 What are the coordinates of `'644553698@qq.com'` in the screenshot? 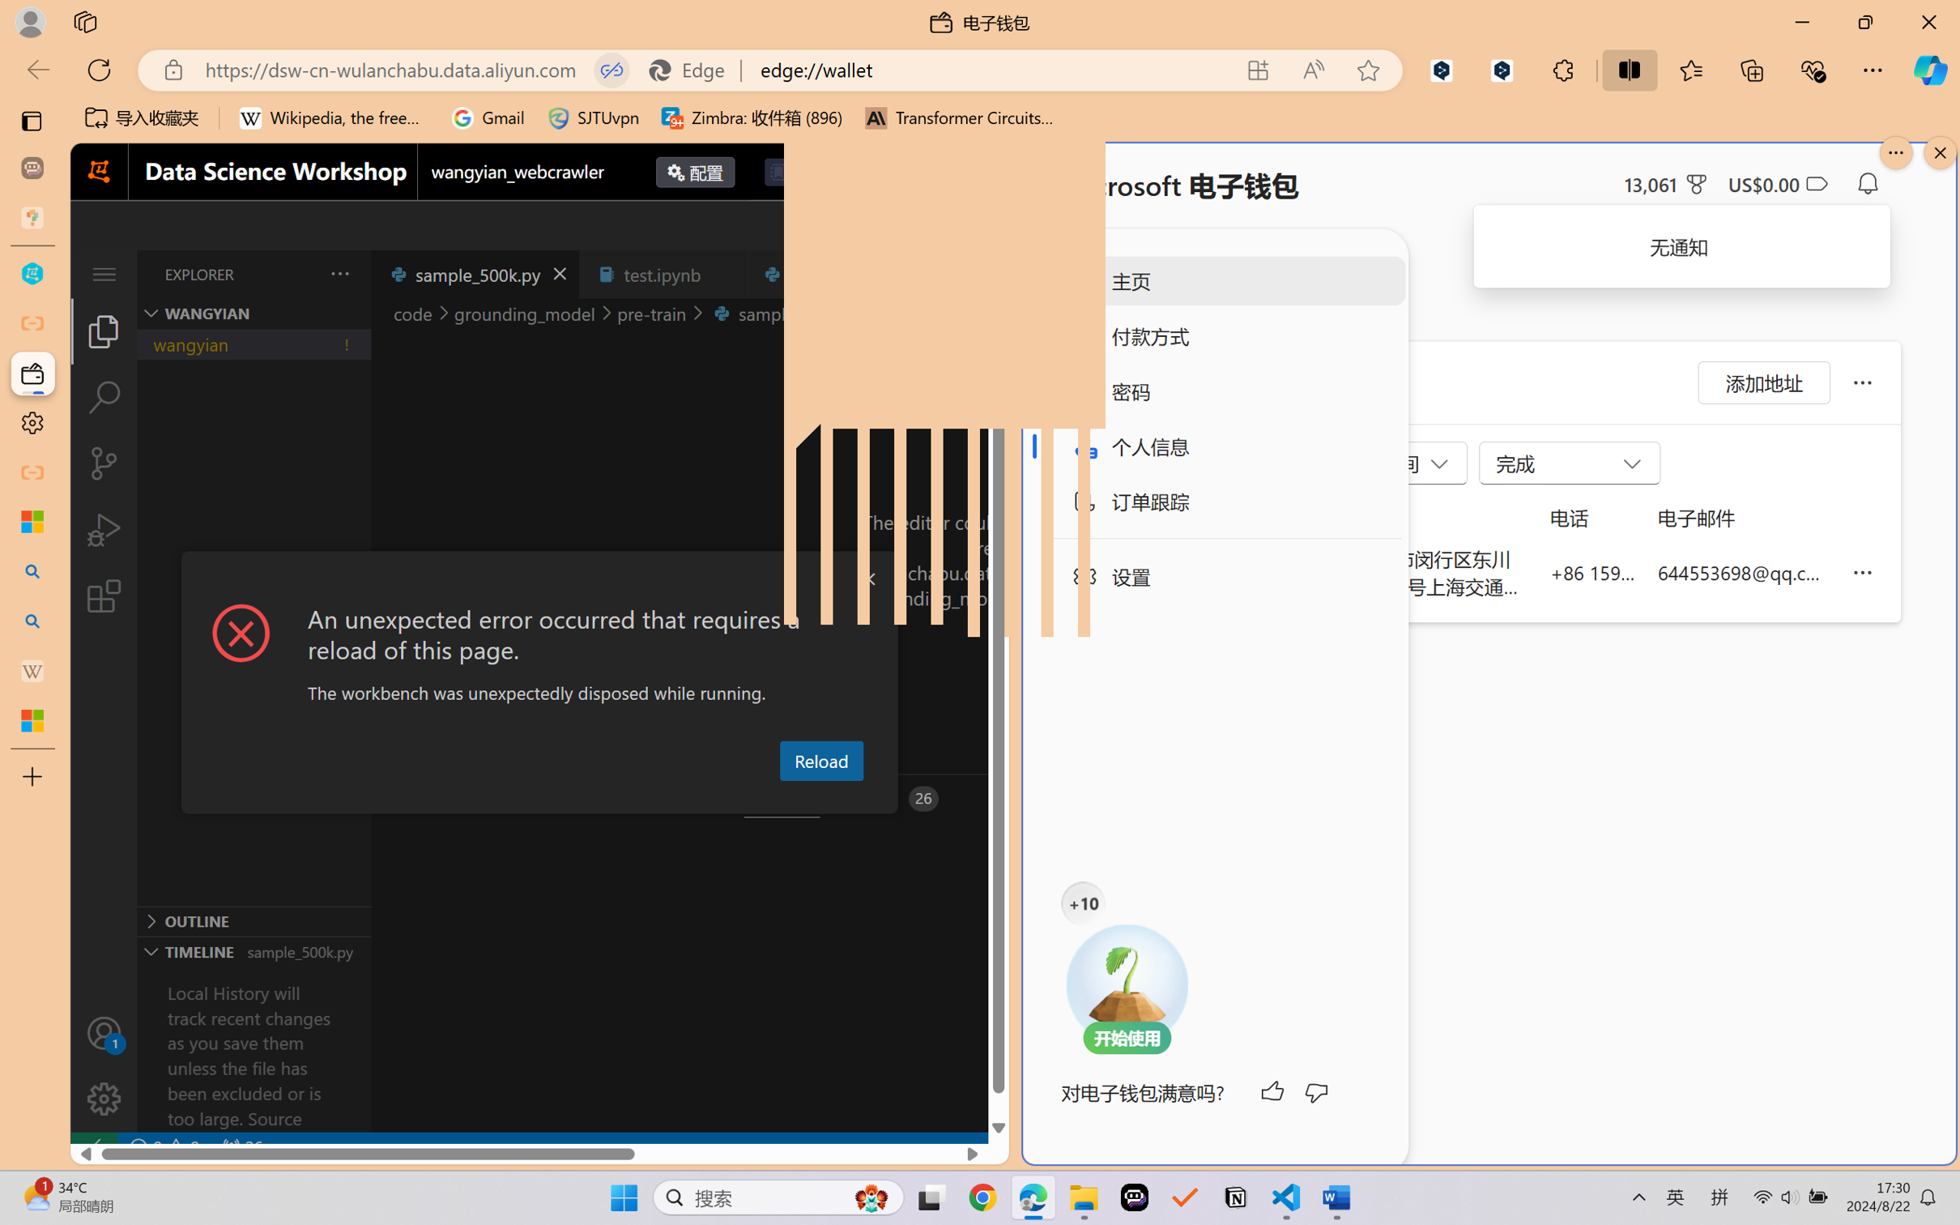 It's located at (1743, 571).